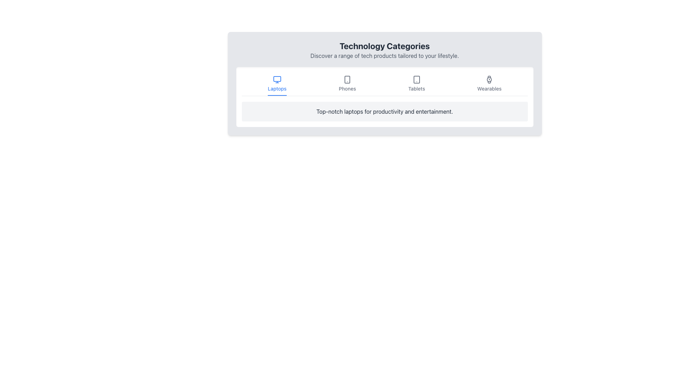 This screenshot has width=673, height=379. Describe the element at coordinates (384, 46) in the screenshot. I see `the prominently styled header with the text 'Technology Categories', which is bold, larger in font size, and dark gray in color, located at the top of the section` at that location.